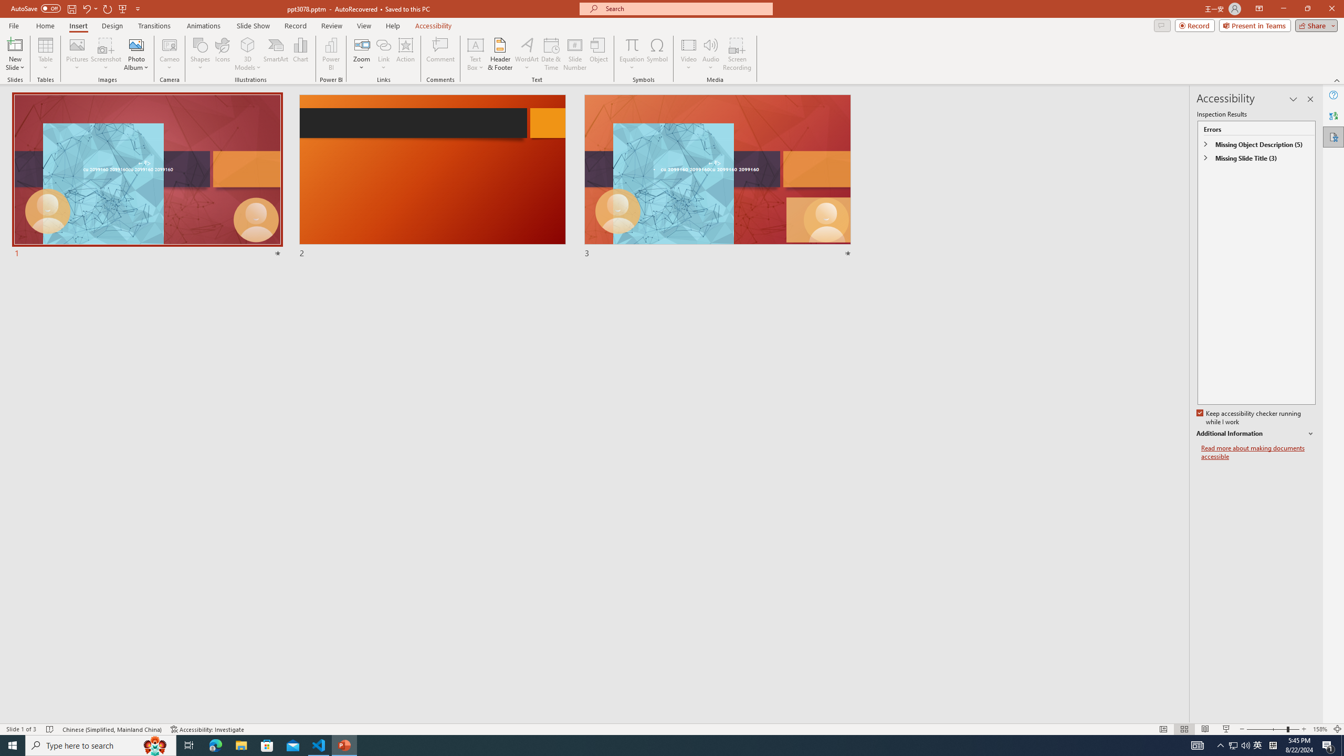 This screenshot has height=756, width=1344. What do you see at coordinates (106, 54) in the screenshot?
I see `'Screenshot'` at bounding box center [106, 54].